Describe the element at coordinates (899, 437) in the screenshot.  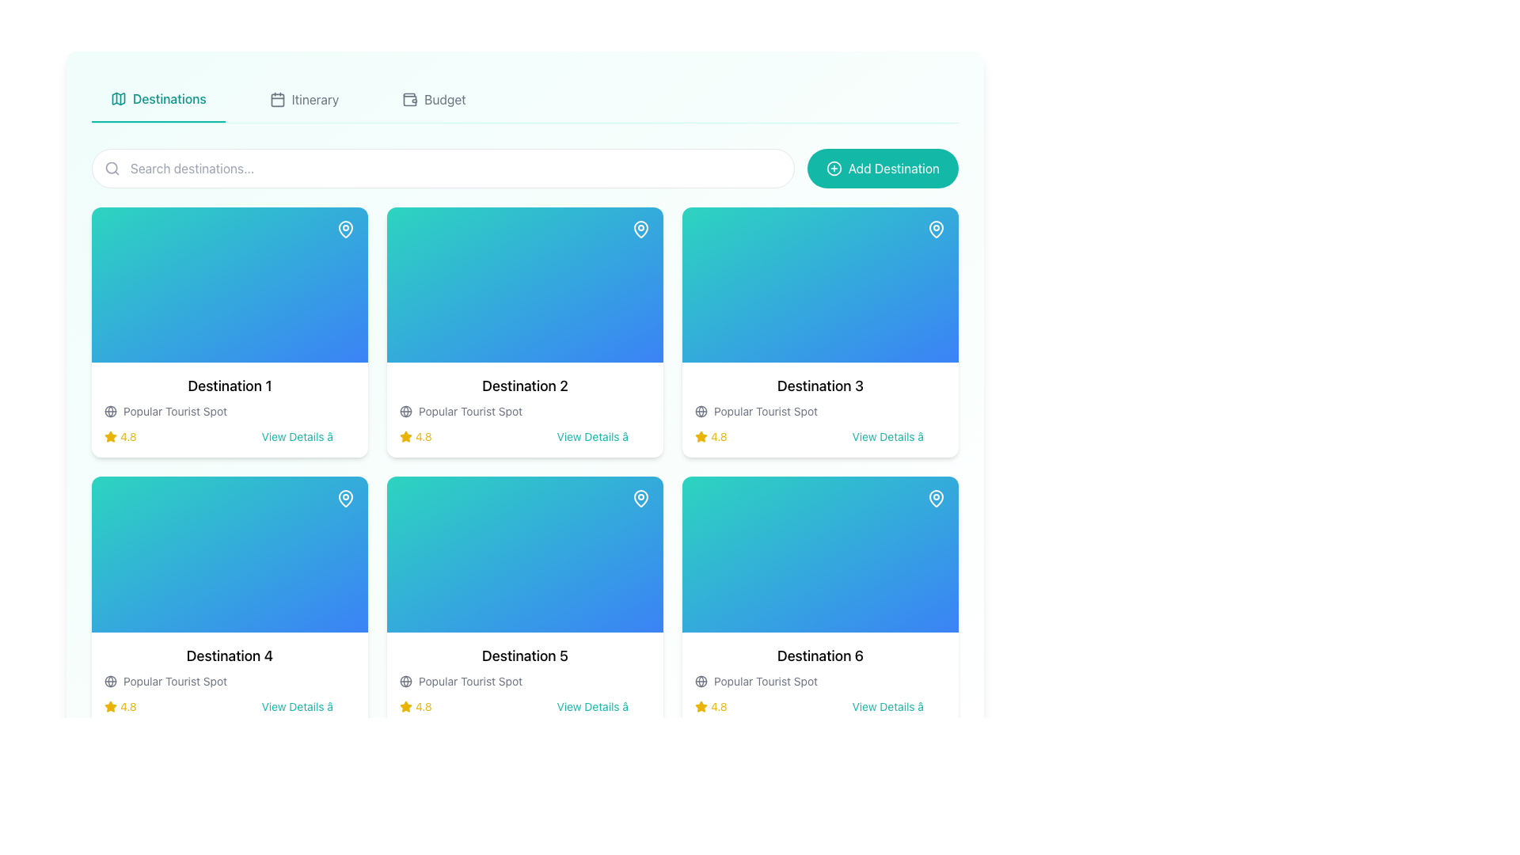
I see `the teal colored hyperlink labeled 'View Details →' located at the bottom-right corner of the card labeled 'Destination 3'` at that location.